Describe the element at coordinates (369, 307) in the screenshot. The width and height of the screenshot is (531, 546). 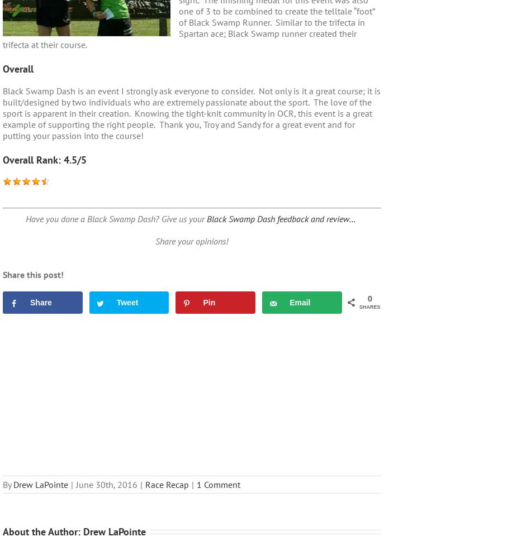
I see `'shares'` at that location.